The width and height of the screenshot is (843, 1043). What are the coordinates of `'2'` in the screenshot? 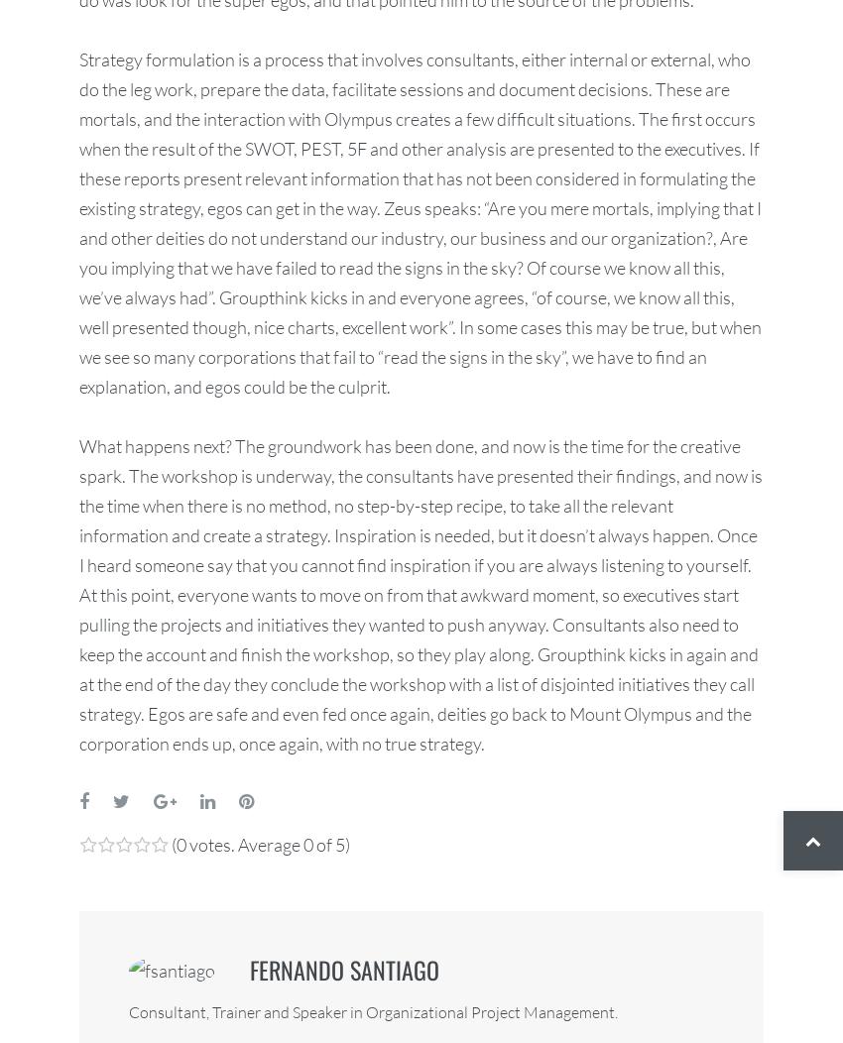 It's located at (105, 864).